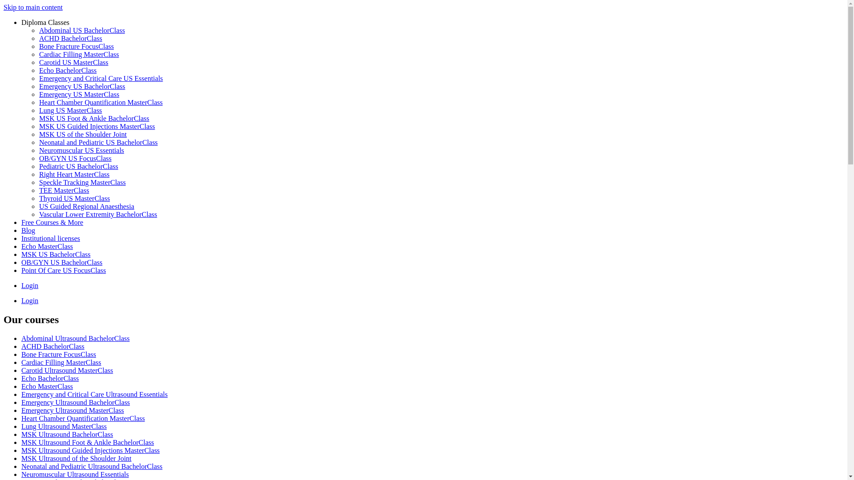 Image resolution: width=854 pixels, height=480 pixels. Describe the element at coordinates (38, 70) in the screenshot. I see `'Echo BachelorClass'` at that location.